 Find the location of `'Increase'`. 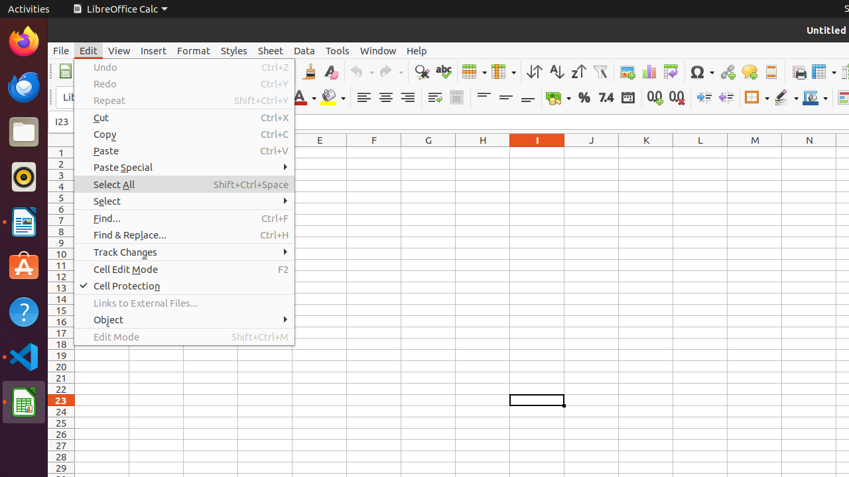

'Increase' is located at coordinates (703, 97).